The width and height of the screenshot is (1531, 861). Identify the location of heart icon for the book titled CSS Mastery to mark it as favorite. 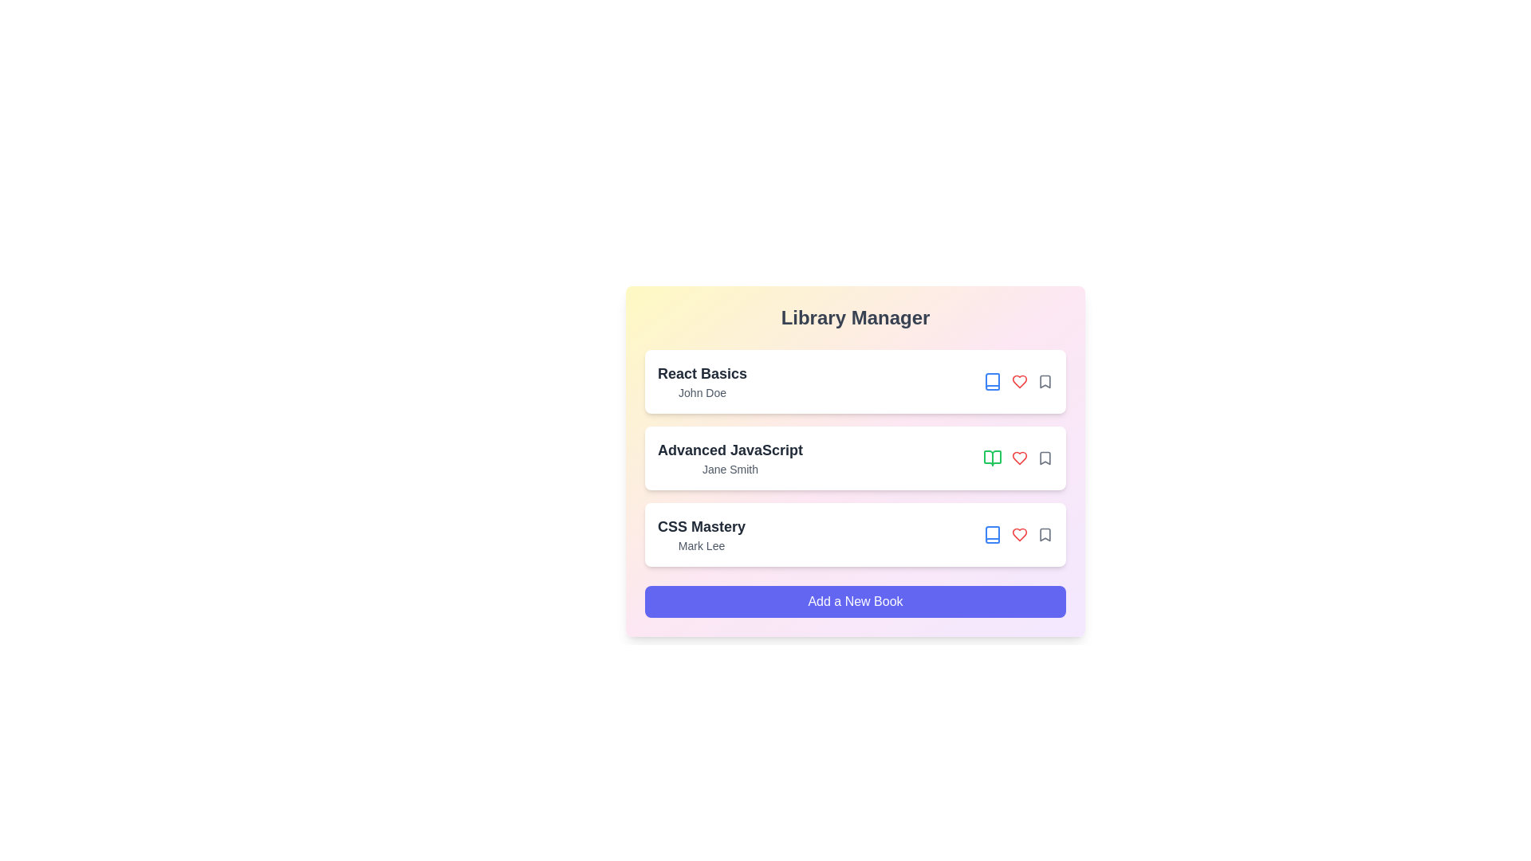
(1018, 535).